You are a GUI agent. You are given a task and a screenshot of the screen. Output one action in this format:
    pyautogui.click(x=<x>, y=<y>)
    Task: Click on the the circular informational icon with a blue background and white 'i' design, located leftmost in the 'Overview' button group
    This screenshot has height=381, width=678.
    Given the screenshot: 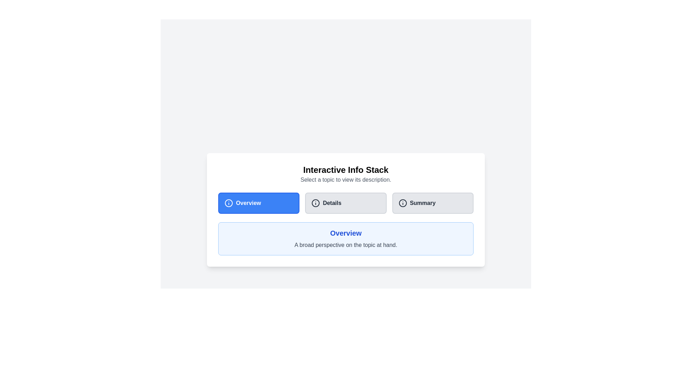 What is the action you would take?
    pyautogui.click(x=229, y=203)
    